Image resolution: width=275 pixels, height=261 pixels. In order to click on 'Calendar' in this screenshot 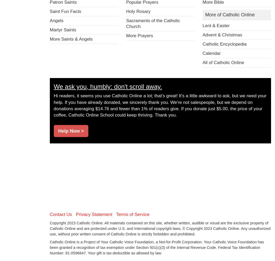, I will do `click(211, 53)`.